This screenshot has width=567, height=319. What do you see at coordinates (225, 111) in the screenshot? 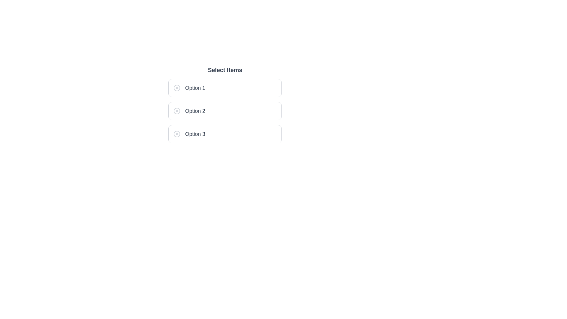
I see `the second button in the vertically stacked list of three buttons below the title 'Select Items'` at bounding box center [225, 111].